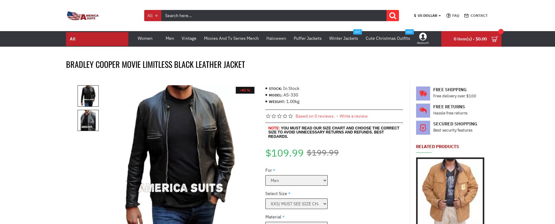  I want to click on '$199.99', so click(322, 152).